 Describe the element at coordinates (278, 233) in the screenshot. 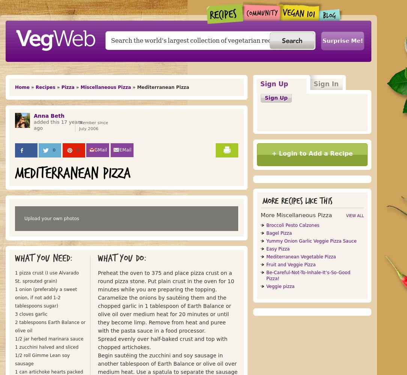

I see `'Bagel Pizza'` at that location.